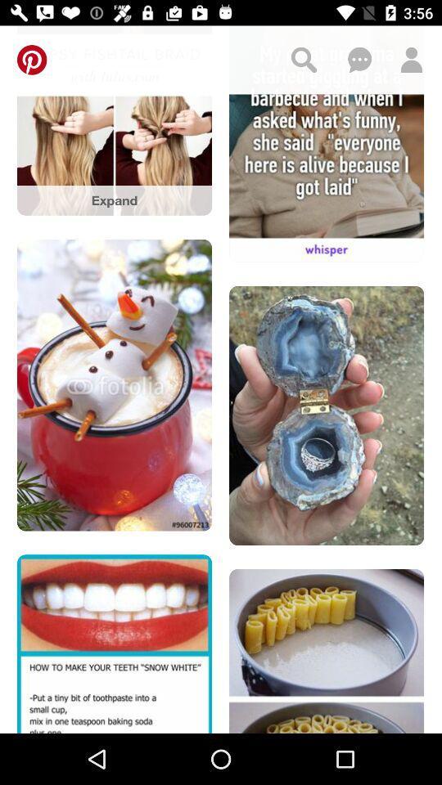 Image resolution: width=442 pixels, height=785 pixels. Describe the element at coordinates (303, 60) in the screenshot. I see `search` at that location.